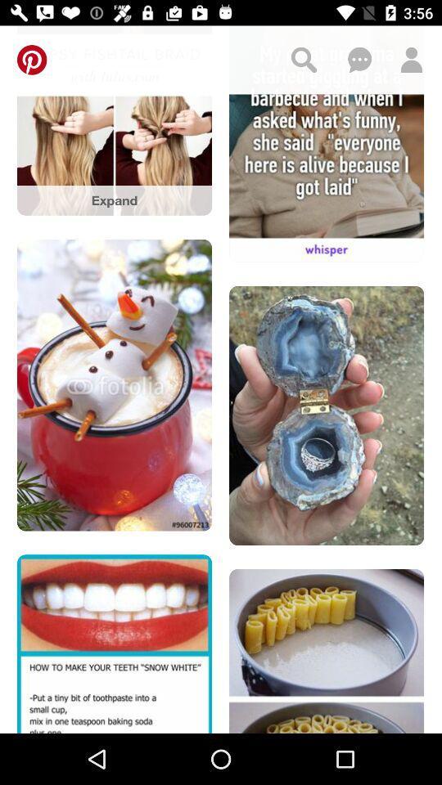 Image resolution: width=442 pixels, height=785 pixels. Describe the element at coordinates (303, 60) in the screenshot. I see `search` at that location.